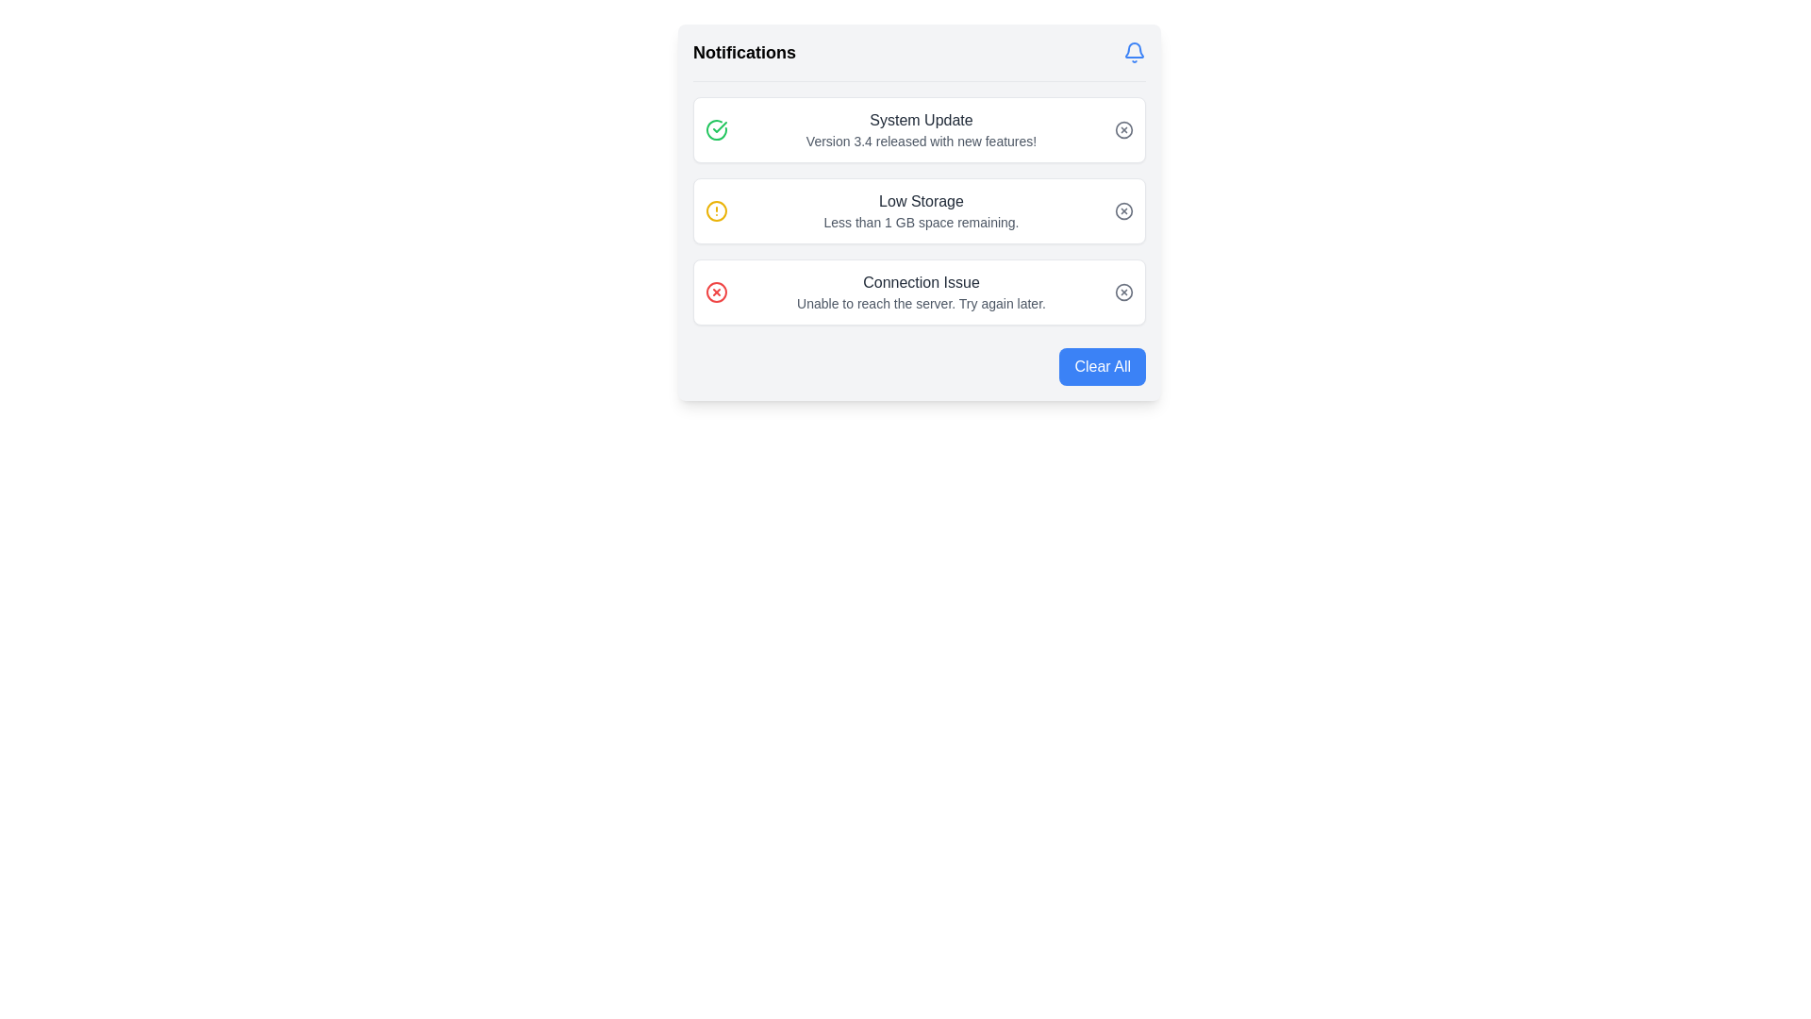 Image resolution: width=1811 pixels, height=1019 pixels. Describe the element at coordinates (1103, 367) in the screenshot. I see `the button that clears all displayed notifications, located at the bottom-right corner of the notification panel` at that location.